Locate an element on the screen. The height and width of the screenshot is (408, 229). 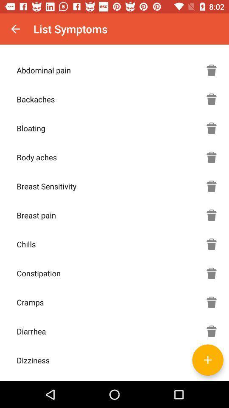
delet option is located at coordinates (211, 186).